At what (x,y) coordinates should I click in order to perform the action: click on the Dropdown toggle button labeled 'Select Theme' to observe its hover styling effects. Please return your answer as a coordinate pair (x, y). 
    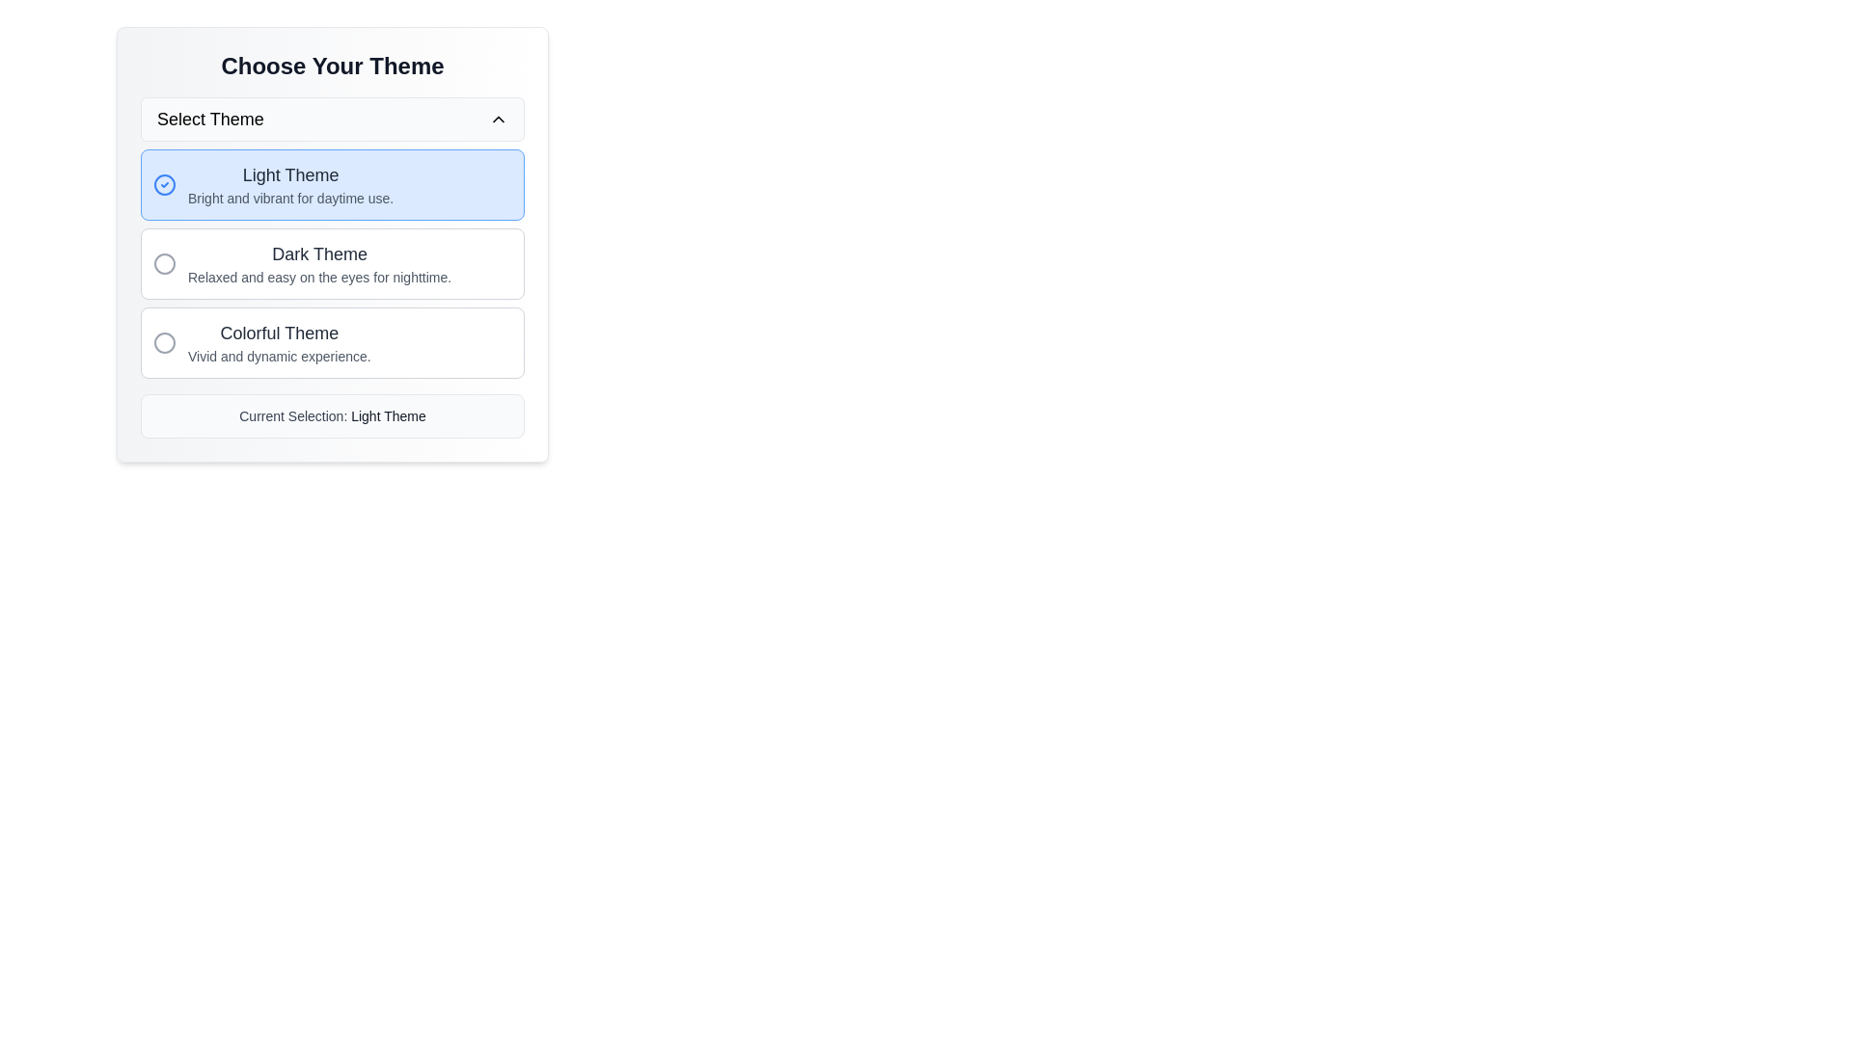
    Looking at the image, I should click on (333, 119).